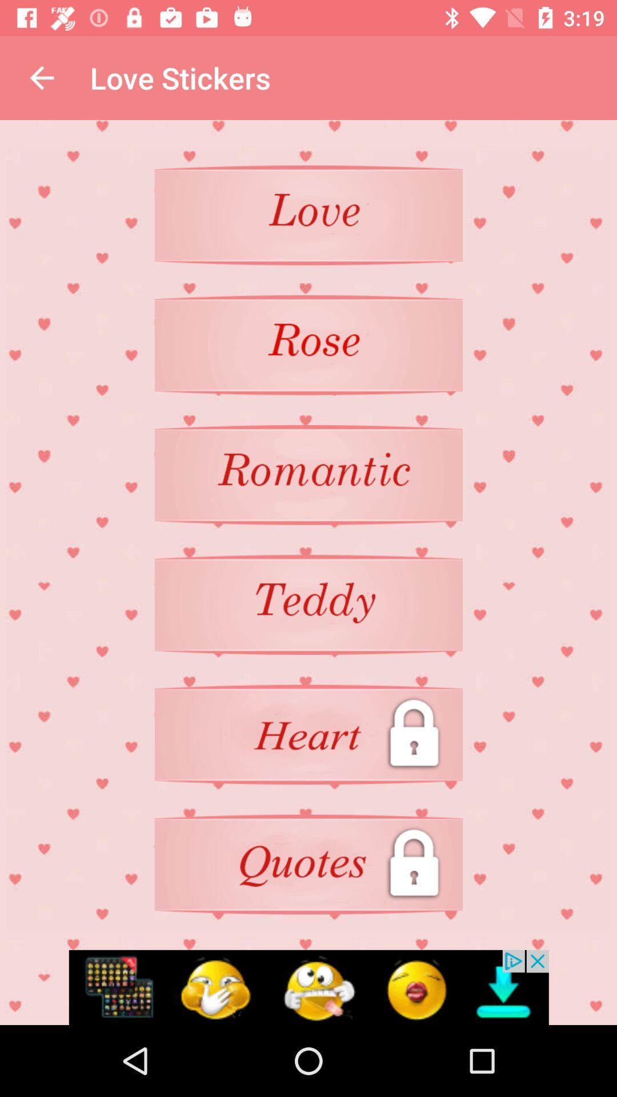  Describe the element at coordinates (308, 604) in the screenshot. I see `the teddy sticker` at that location.